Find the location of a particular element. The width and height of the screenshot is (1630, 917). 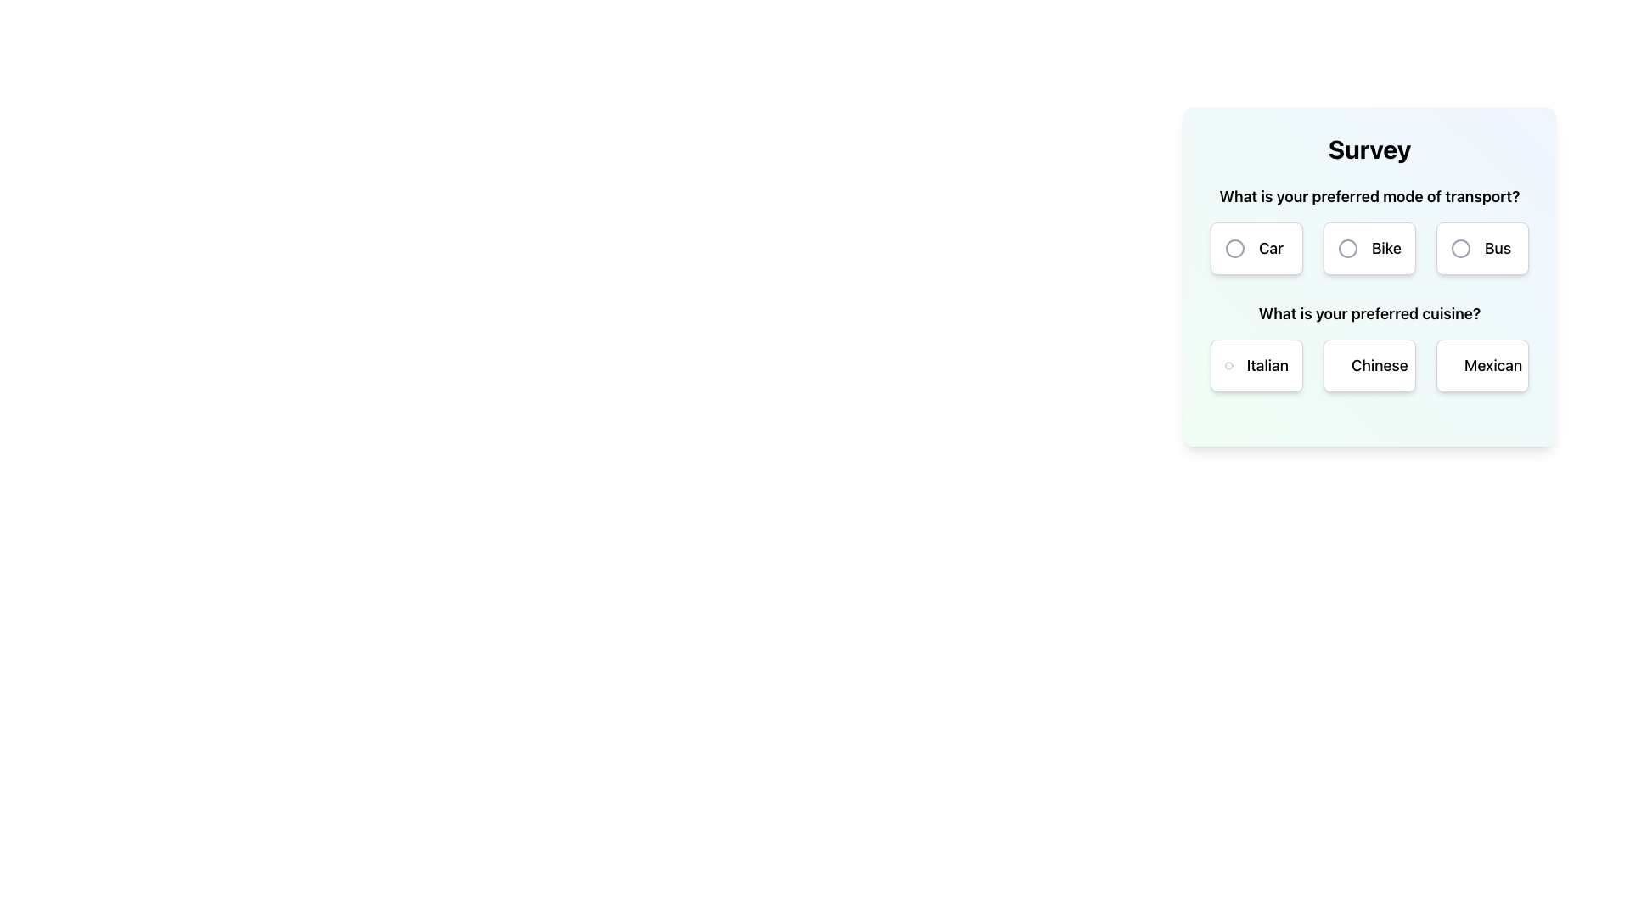

the 'Chinese' button with a radio-style selection indicator is located at coordinates (1369, 365).